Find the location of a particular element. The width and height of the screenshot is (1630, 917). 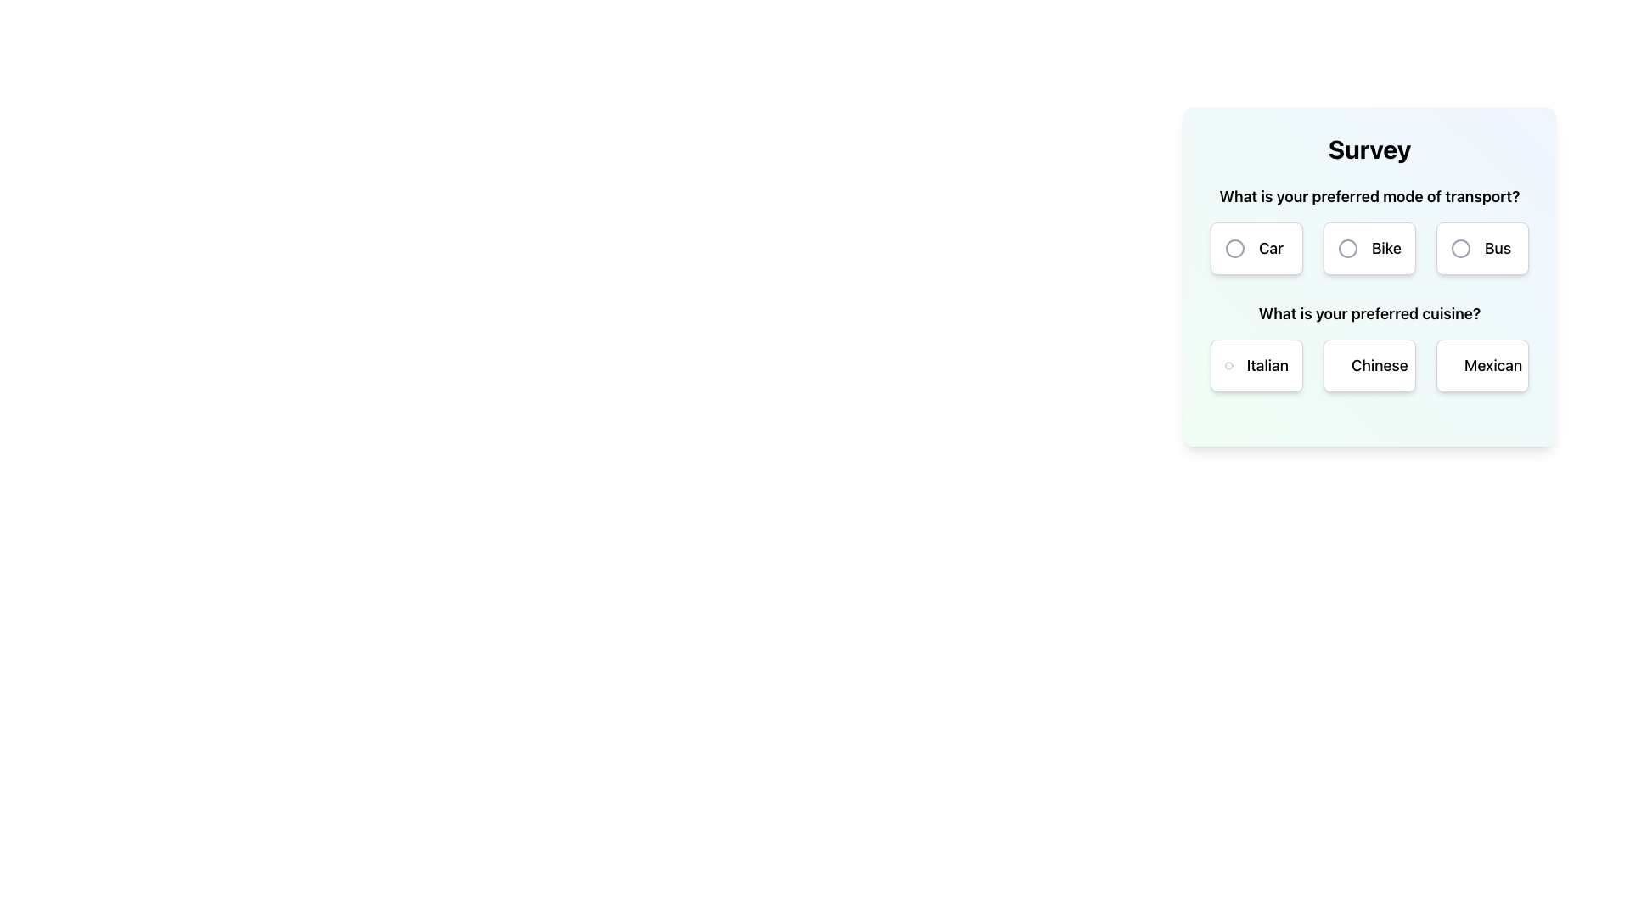

the 'Chinese' button with a radio-style selection indicator is located at coordinates (1369, 365).